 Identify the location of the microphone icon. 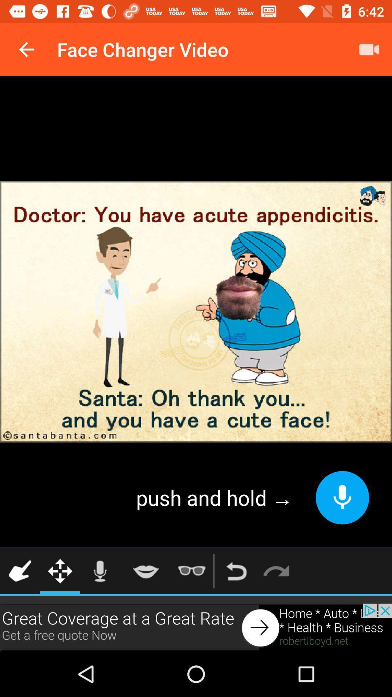
(100, 571).